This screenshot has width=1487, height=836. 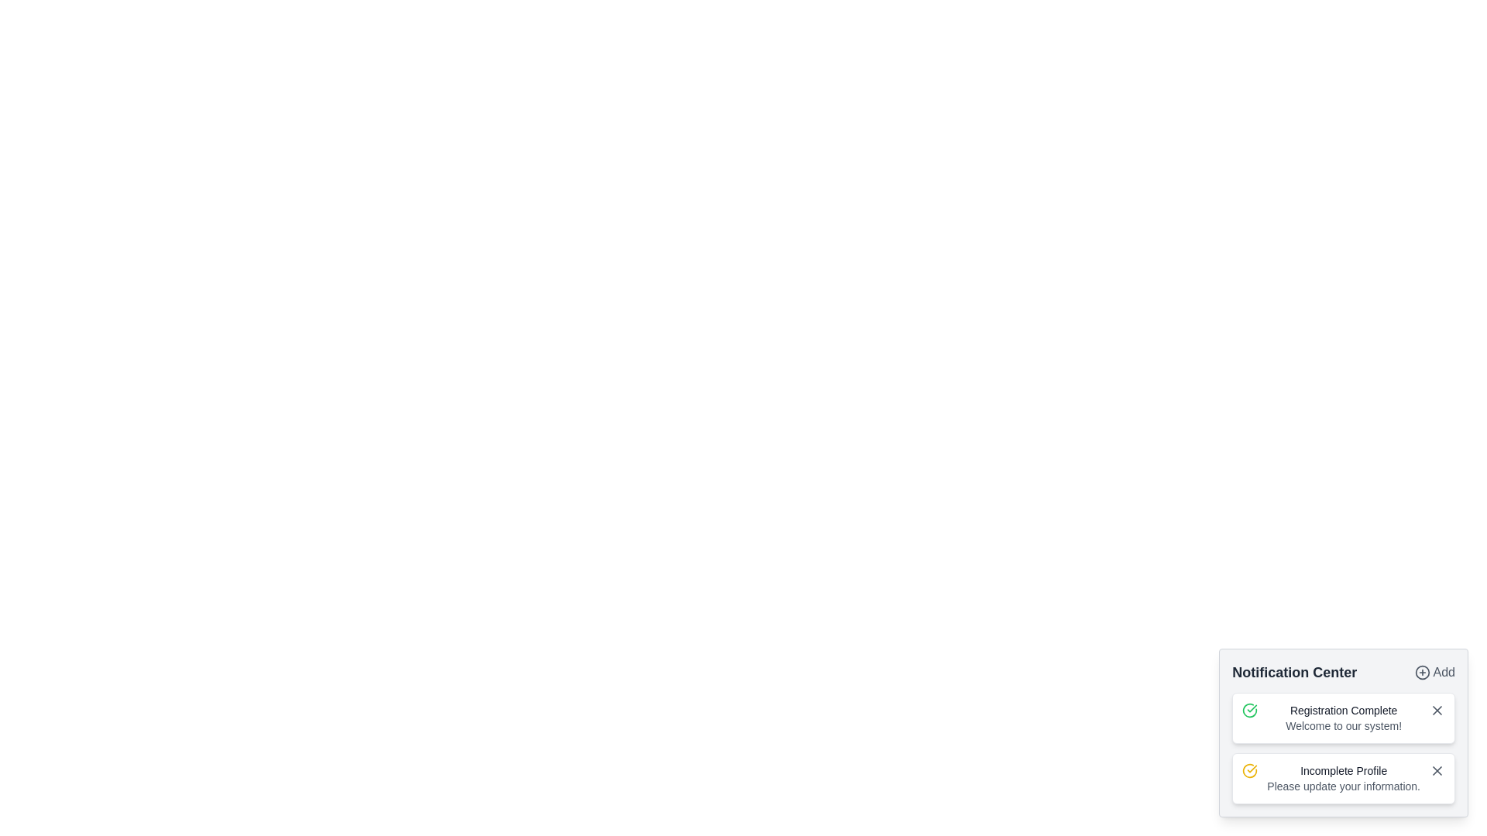 What do you see at coordinates (1343, 779) in the screenshot?
I see `the 'Incomplete Profile' notification panel which contains a yellow checkmark icon and prompts to update information` at bounding box center [1343, 779].